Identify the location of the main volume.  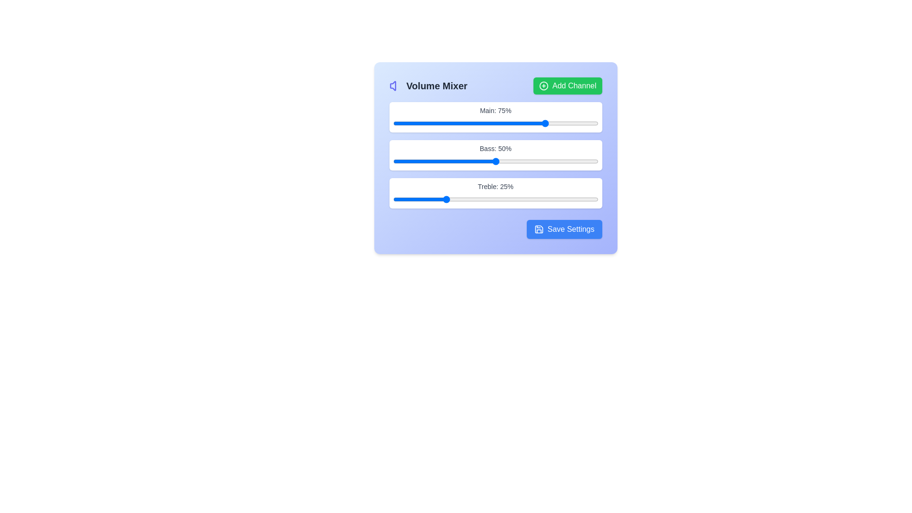
(456, 123).